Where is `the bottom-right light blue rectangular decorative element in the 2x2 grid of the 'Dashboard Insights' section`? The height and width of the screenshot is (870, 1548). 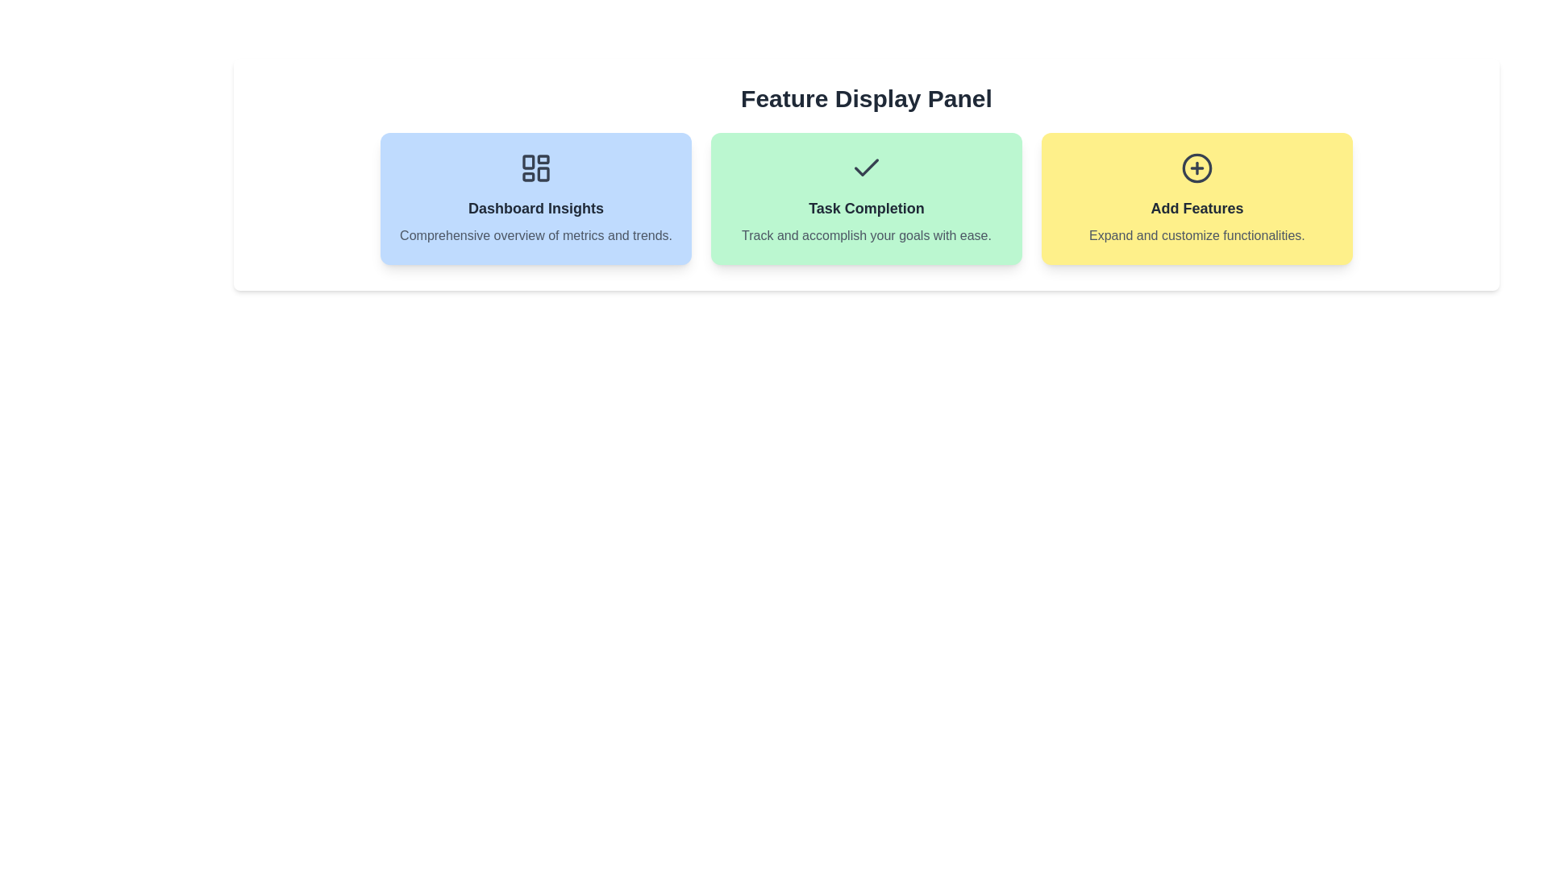
the bottom-right light blue rectangular decorative element in the 2x2 grid of the 'Dashboard Insights' section is located at coordinates (543, 174).